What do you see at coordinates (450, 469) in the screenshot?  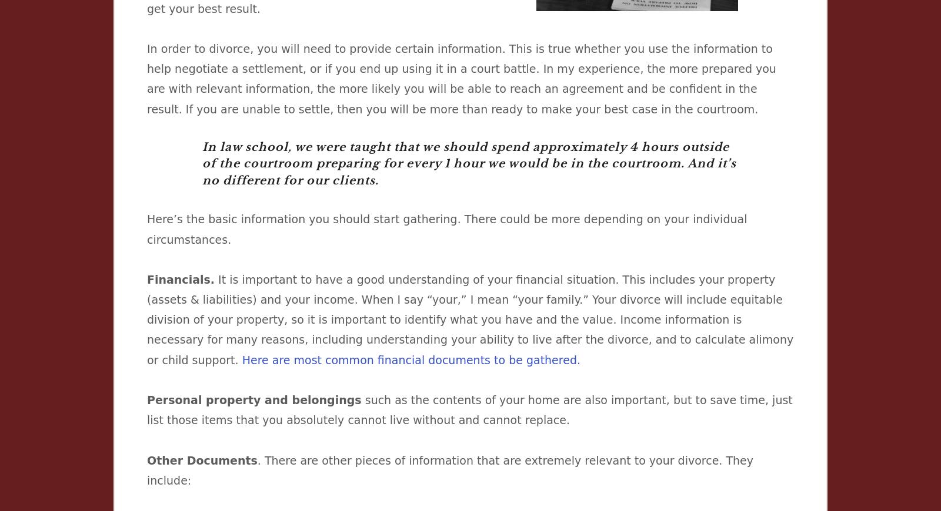 I see `'. There are other pieces of information that are extremely relevant to your divorce. They include:'` at bounding box center [450, 469].